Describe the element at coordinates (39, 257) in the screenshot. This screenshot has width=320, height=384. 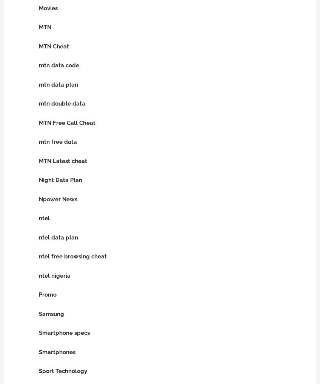
I see `'ntel free browsing cheat'` at that location.